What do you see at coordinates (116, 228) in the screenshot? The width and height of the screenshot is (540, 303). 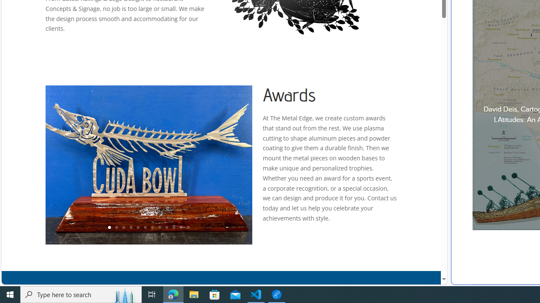 I see `'2'` at bounding box center [116, 228].